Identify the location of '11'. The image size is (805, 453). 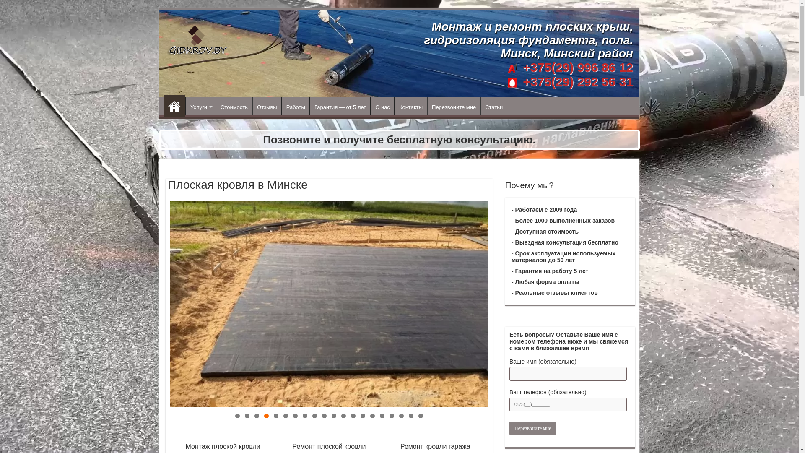
(333, 416).